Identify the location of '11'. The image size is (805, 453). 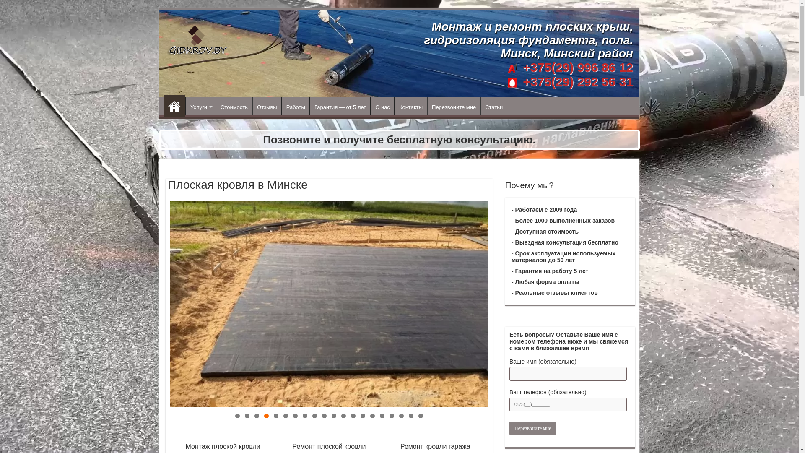
(333, 416).